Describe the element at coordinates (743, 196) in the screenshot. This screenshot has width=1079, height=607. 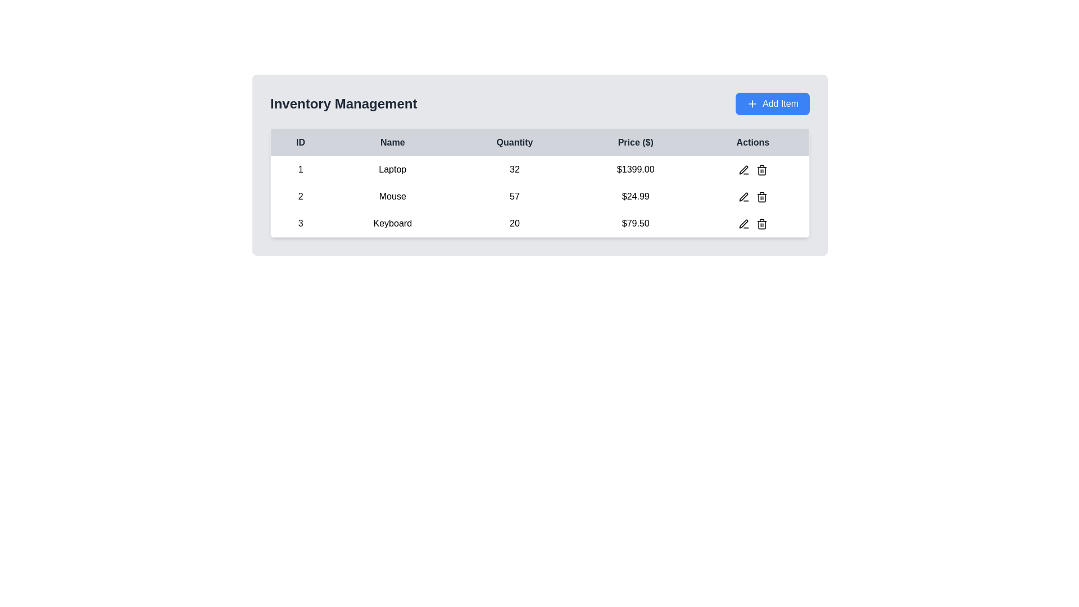
I see `the edit icon button in the Actions column of the Inventory Management interface, located in the second row next` at that location.